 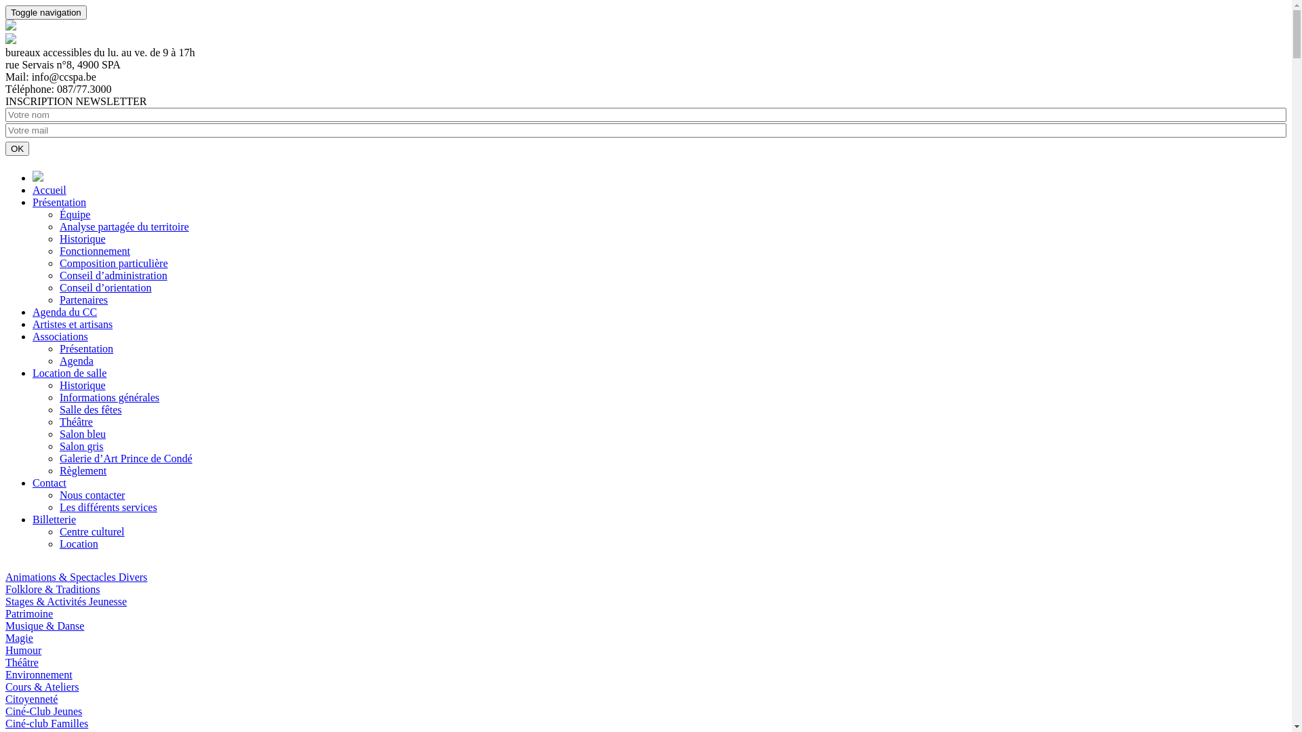 I want to click on 'Musique & Danse', so click(x=45, y=626).